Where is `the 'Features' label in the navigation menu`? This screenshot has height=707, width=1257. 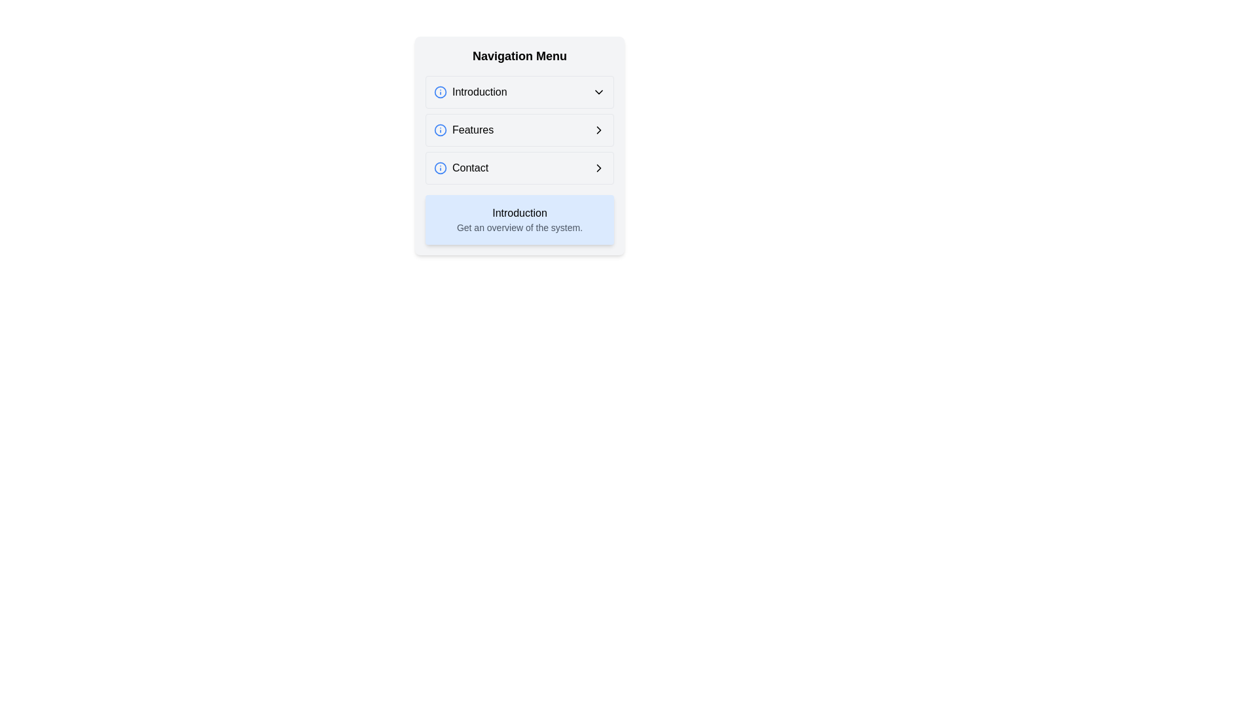
the 'Features' label in the navigation menu is located at coordinates (472, 130).